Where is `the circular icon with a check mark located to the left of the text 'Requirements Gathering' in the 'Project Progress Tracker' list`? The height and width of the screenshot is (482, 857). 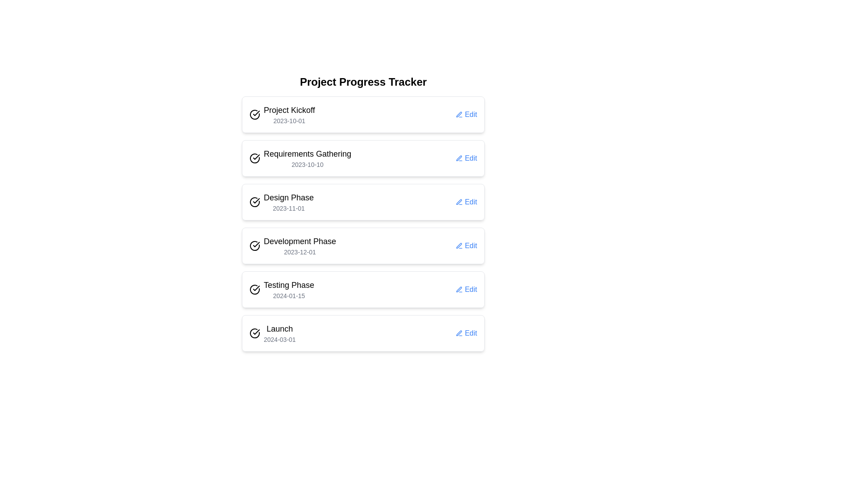 the circular icon with a check mark located to the left of the text 'Requirements Gathering' in the 'Project Progress Tracker' list is located at coordinates (254, 158).